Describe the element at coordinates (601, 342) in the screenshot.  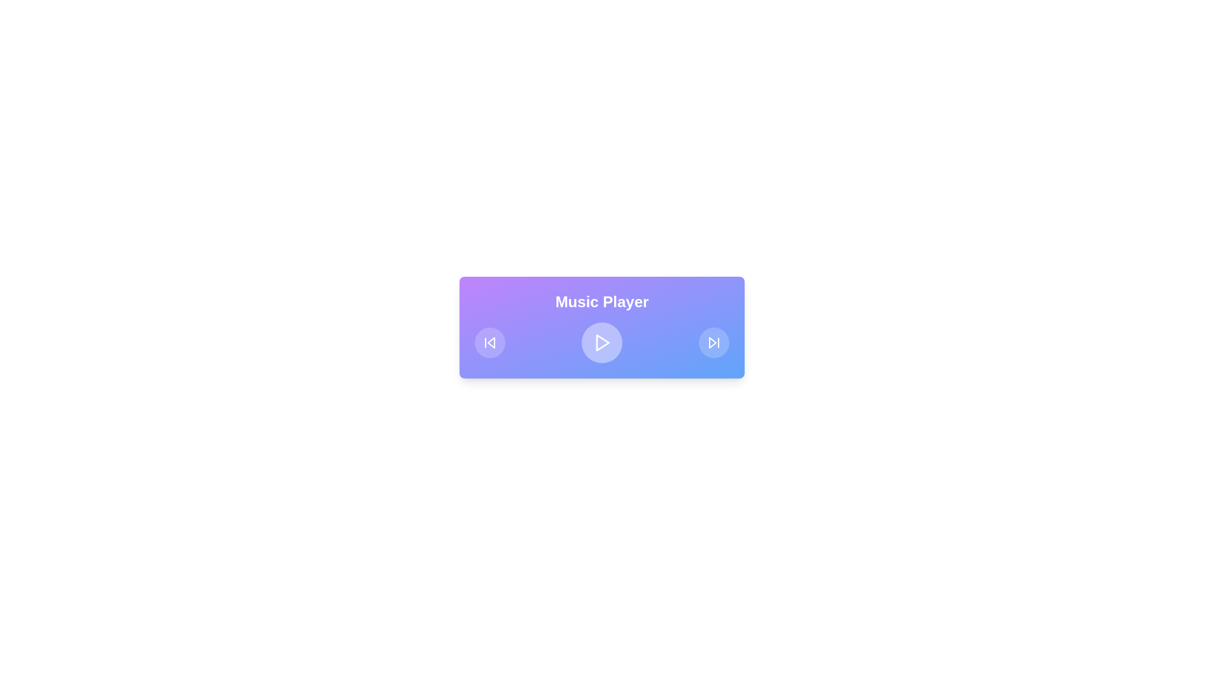
I see `the Play button located at the center of the horizontal music player controller to initiate or pause media playback` at that location.